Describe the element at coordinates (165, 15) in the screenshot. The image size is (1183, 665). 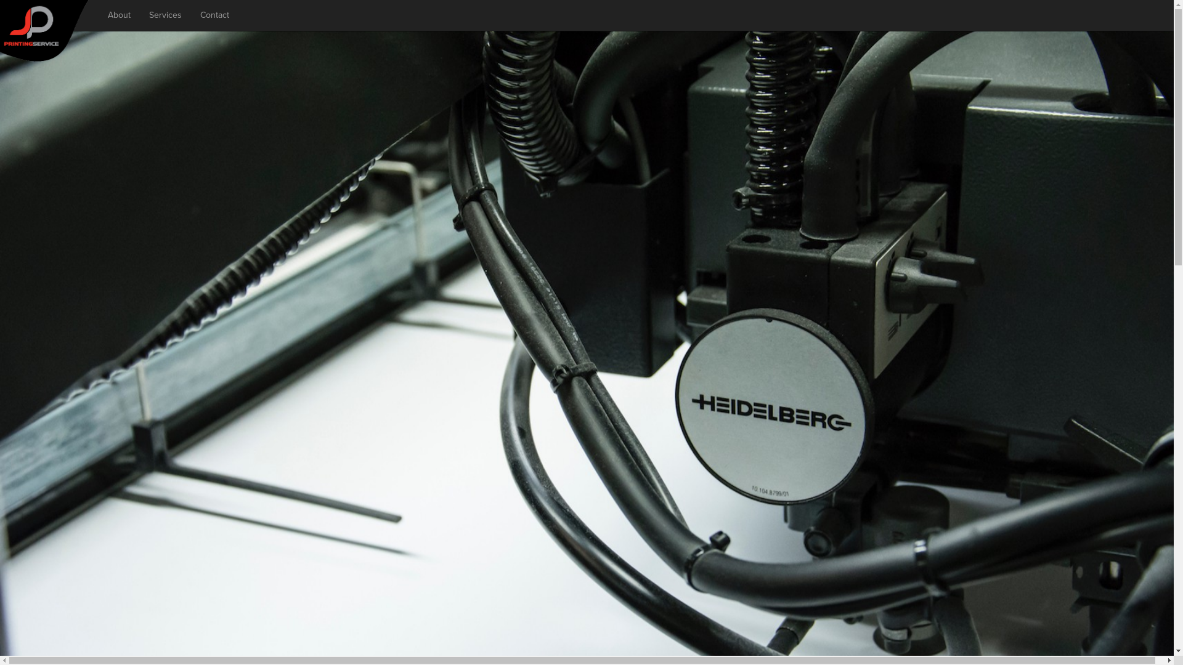
I see `'Services'` at that location.